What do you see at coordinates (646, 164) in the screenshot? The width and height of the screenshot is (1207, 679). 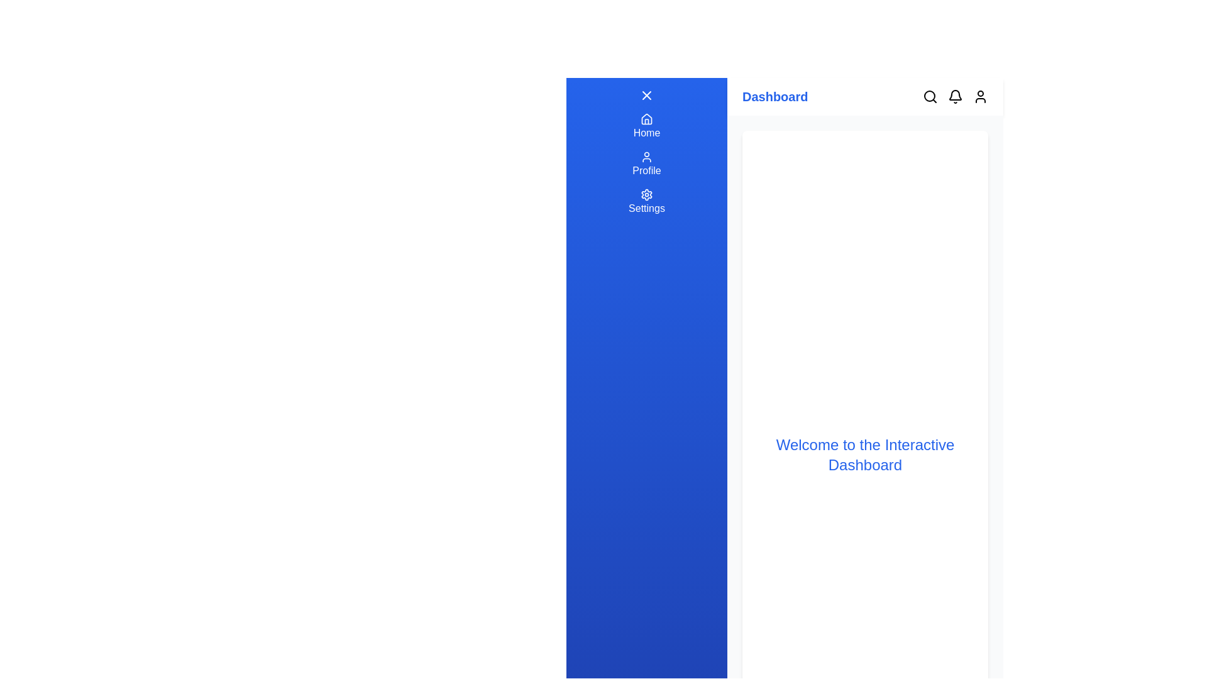 I see `the Navigation button labeled 'Profile', which features a user icon above the word 'Profile' in white font on a blue background, located in the sidebar menu below 'Home' and above 'Settings'` at bounding box center [646, 164].